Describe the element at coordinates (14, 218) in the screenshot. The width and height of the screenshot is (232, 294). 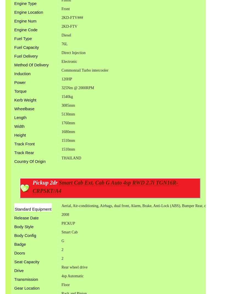
I see `'Release Date'` at that location.